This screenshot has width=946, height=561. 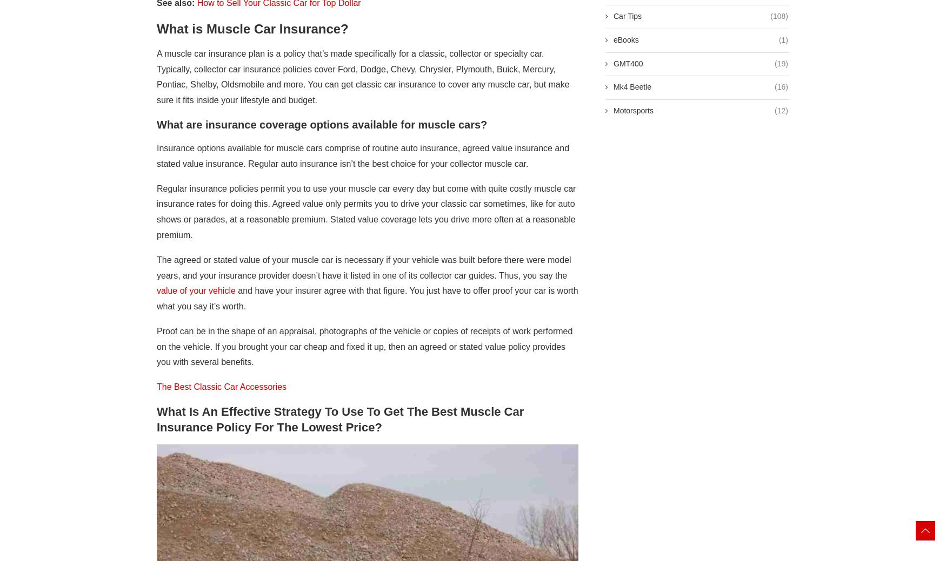 I want to click on '(1)', so click(x=783, y=39).